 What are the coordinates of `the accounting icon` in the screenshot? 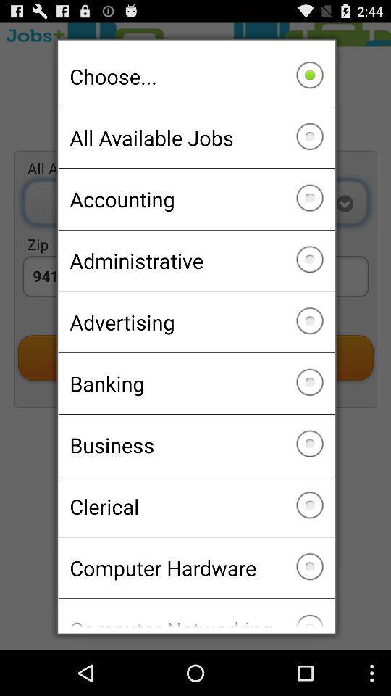 It's located at (195, 198).